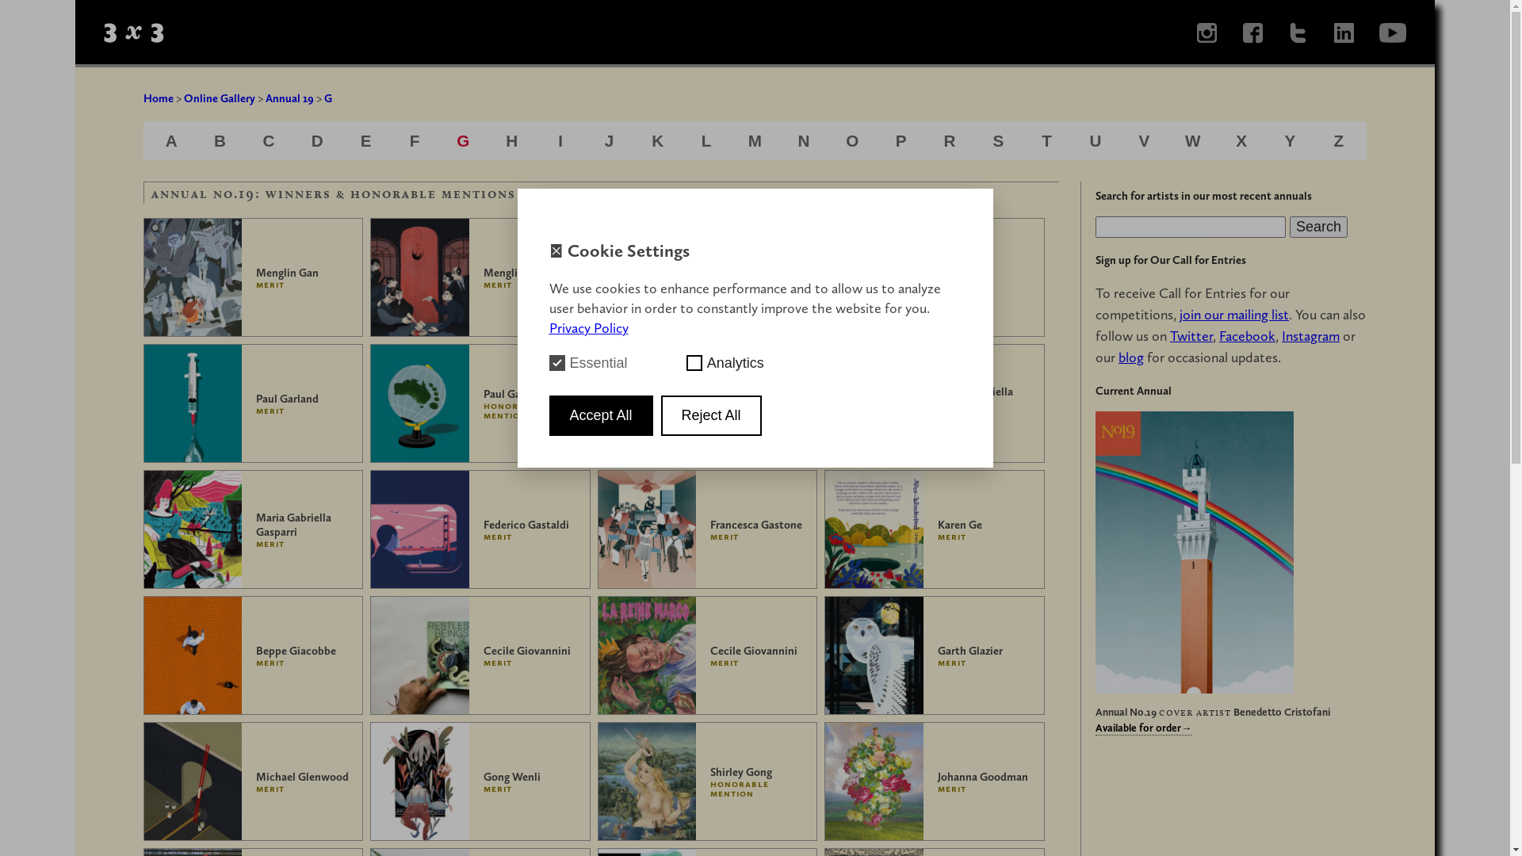 The image size is (1522, 856). What do you see at coordinates (212, 139) in the screenshot?
I see `'B'` at bounding box center [212, 139].